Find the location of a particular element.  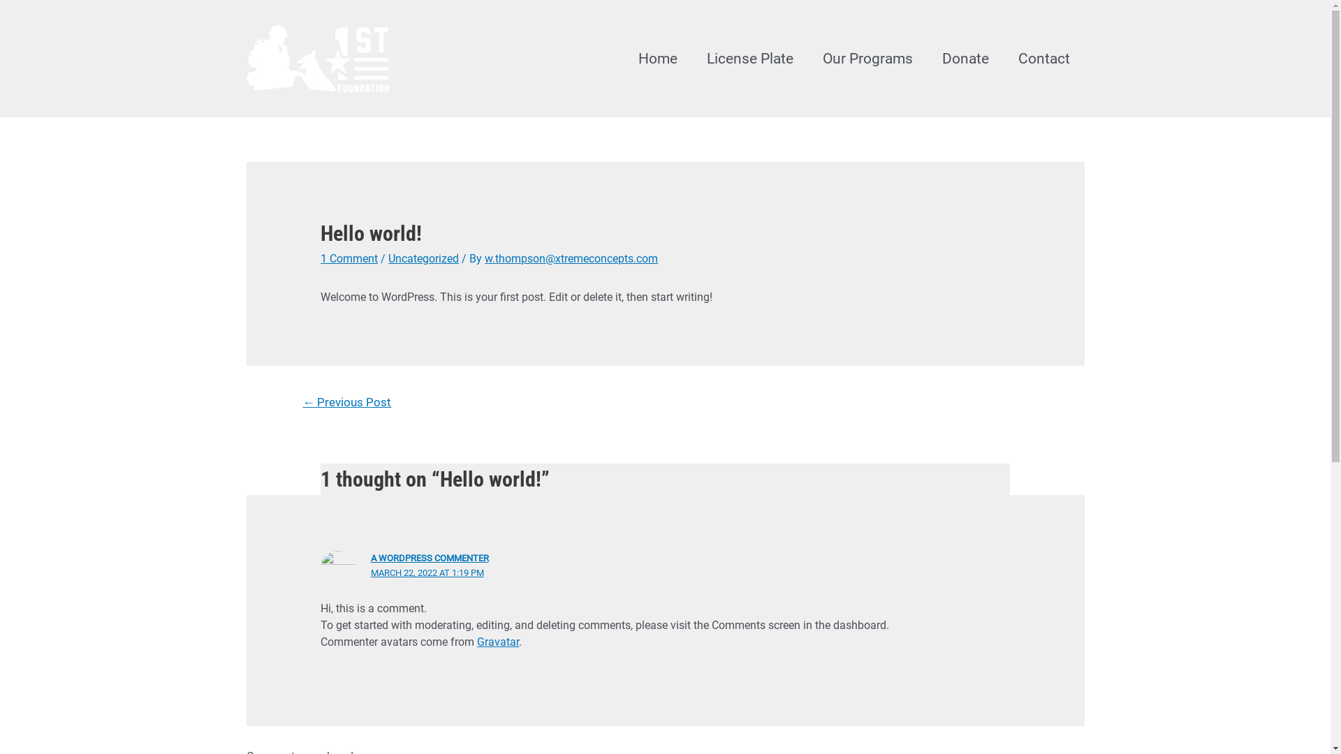

'1 Comment' is located at coordinates (320, 258).